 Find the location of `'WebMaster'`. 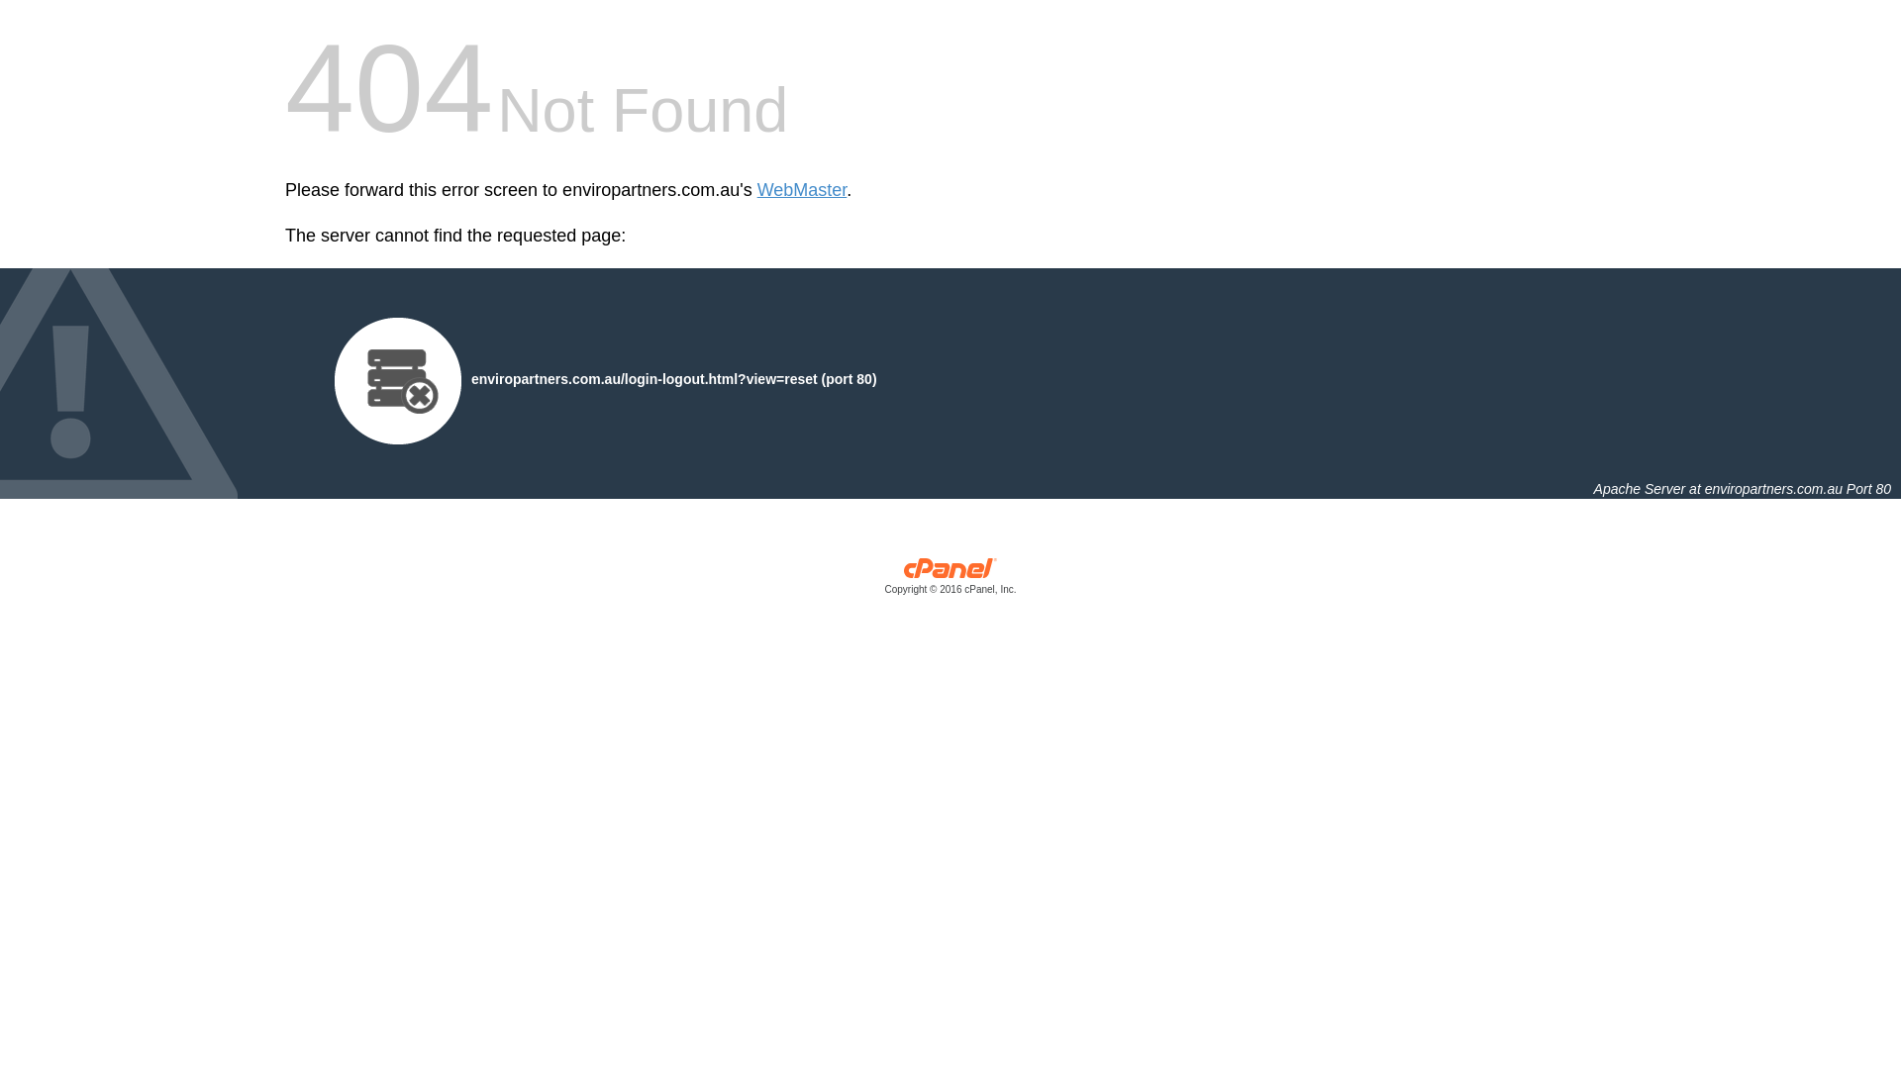

'WebMaster' is located at coordinates (802, 190).